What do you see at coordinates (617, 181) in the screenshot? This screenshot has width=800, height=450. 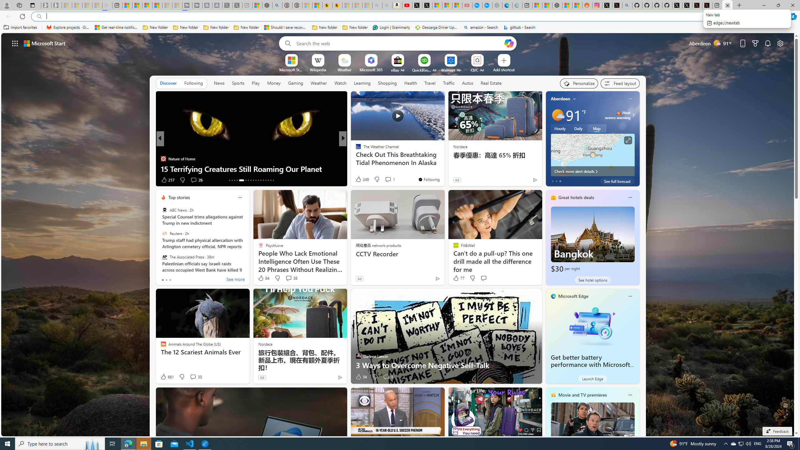 I see `'See full forecast'` at bounding box center [617, 181].